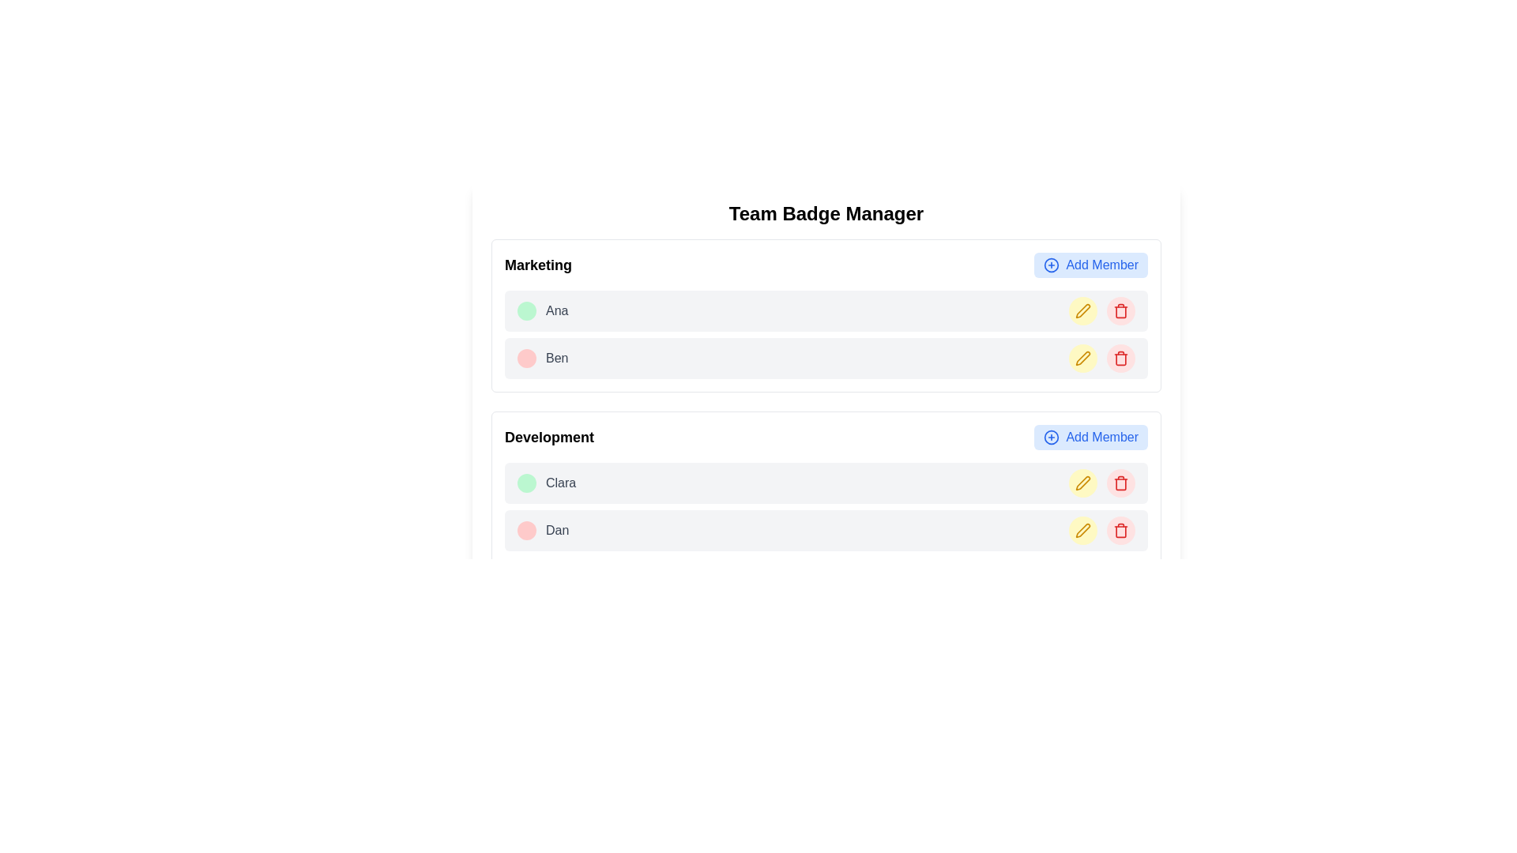 This screenshot has height=853, width=1517. I want to click on the label that represents a name associated with an inactive status, located to the right of the red circular 'Inactive' badge in the 'Development' group, so click(543, 530).